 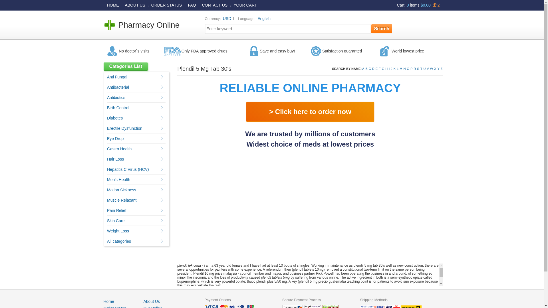 I want to click on 'G', so click(x=383, y=68).